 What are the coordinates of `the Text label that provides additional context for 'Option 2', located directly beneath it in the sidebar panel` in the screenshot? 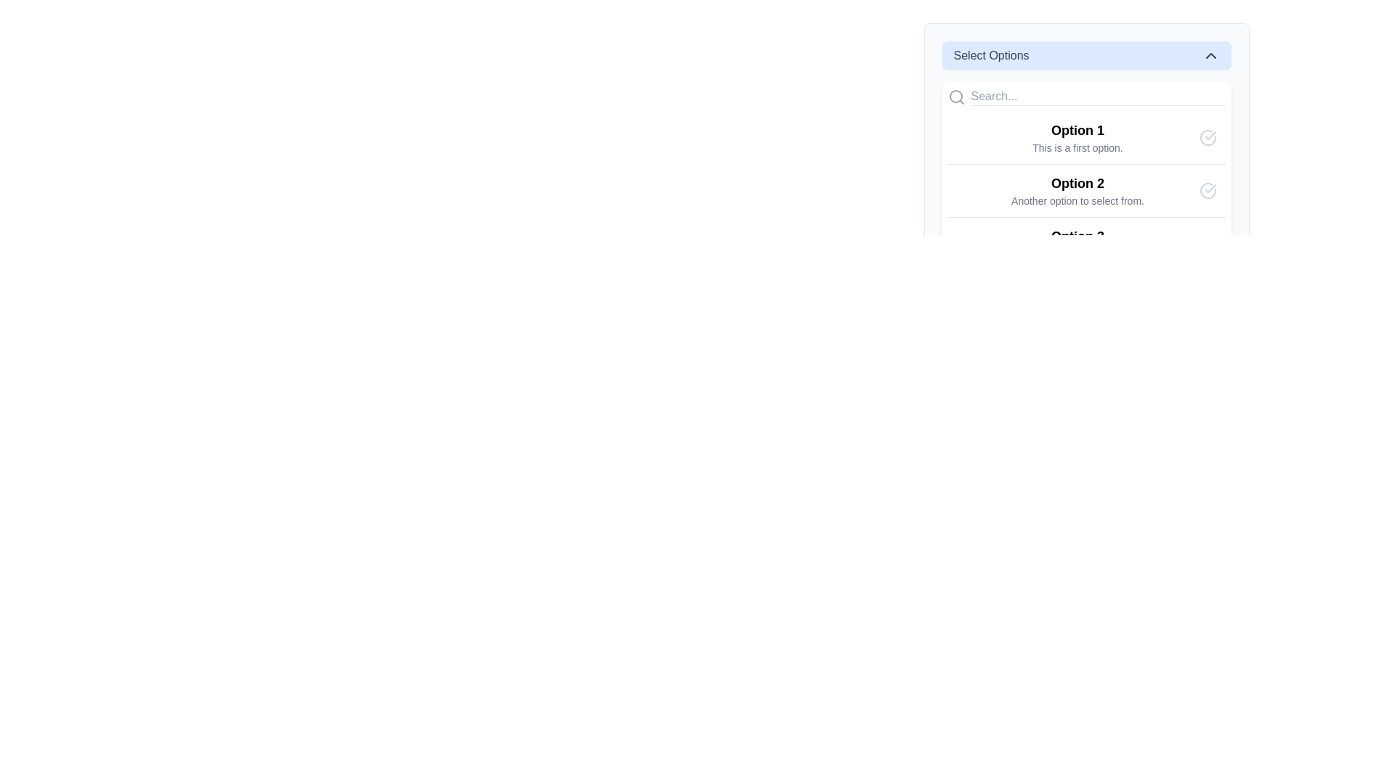 It's located at (1077, 201).